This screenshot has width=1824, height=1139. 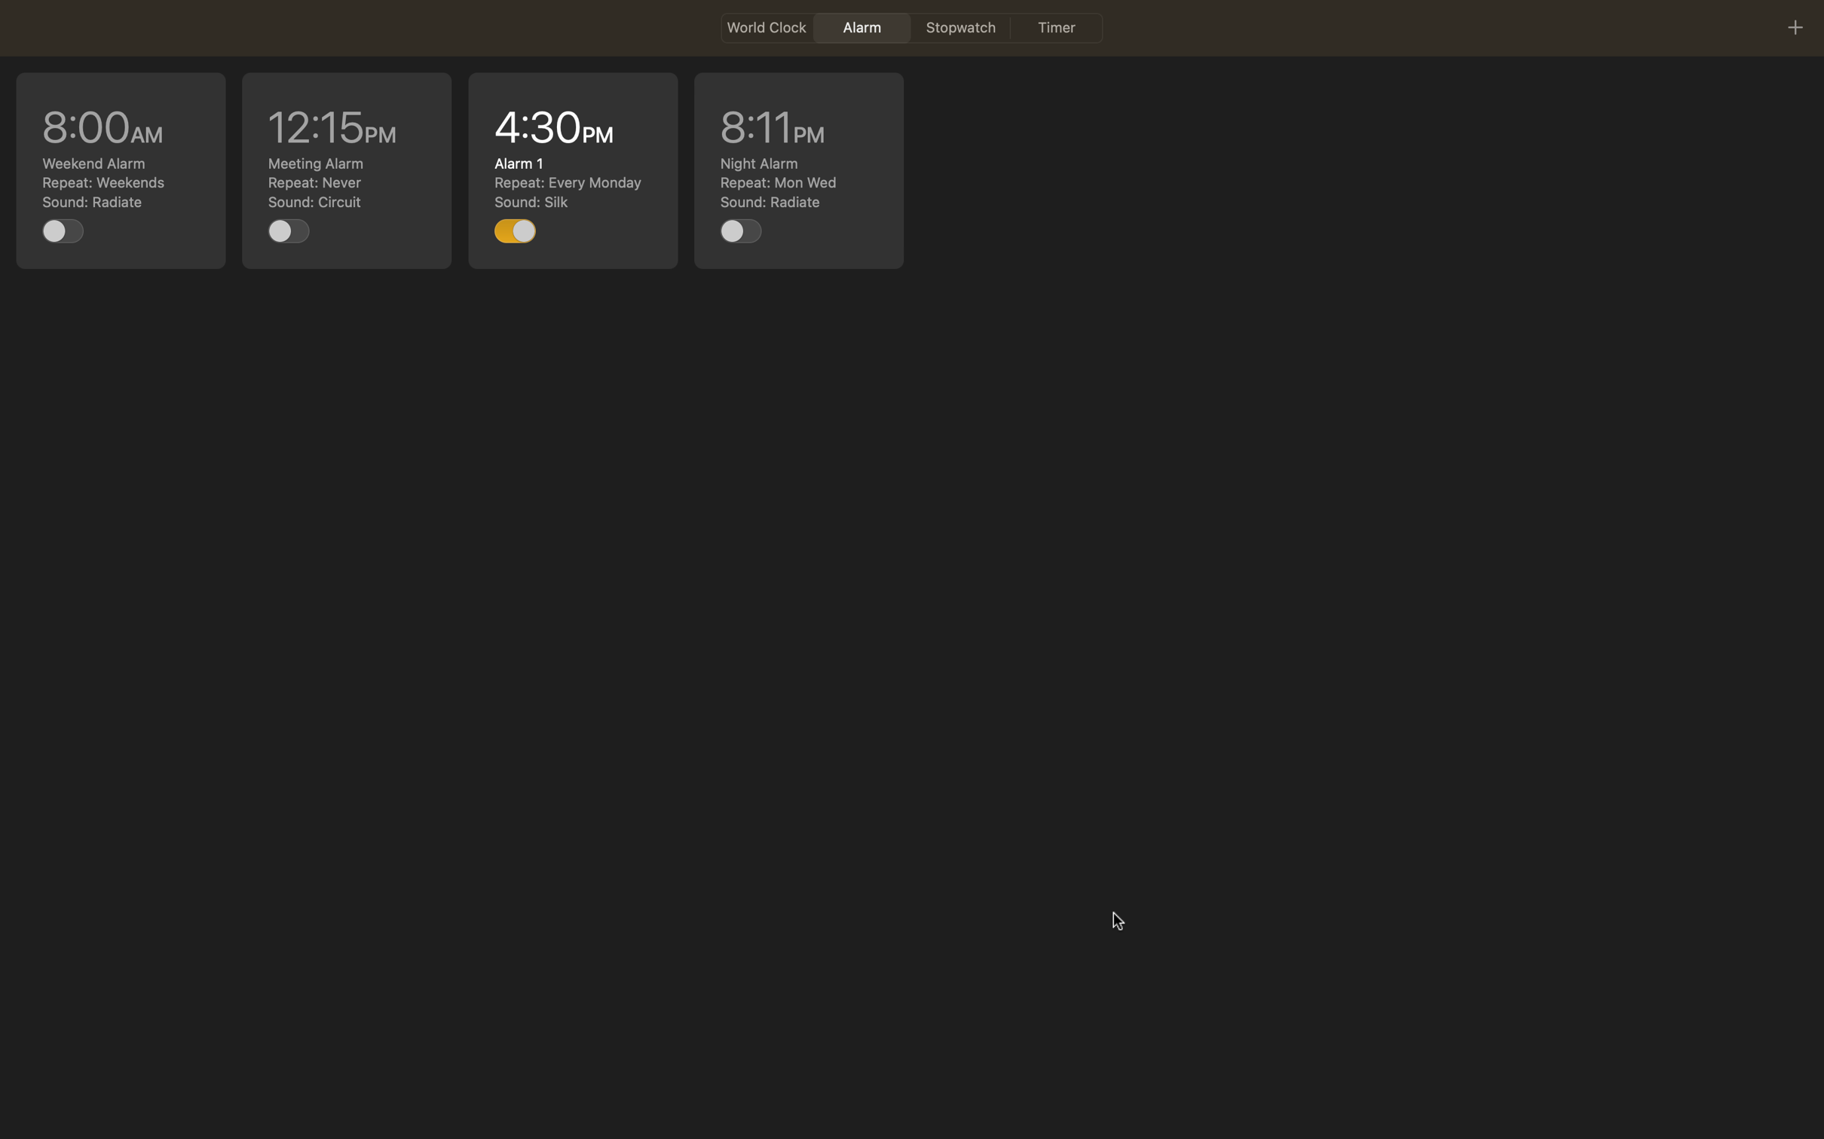 I want to click on Edit the 8am task, so click(x=121, y=169).